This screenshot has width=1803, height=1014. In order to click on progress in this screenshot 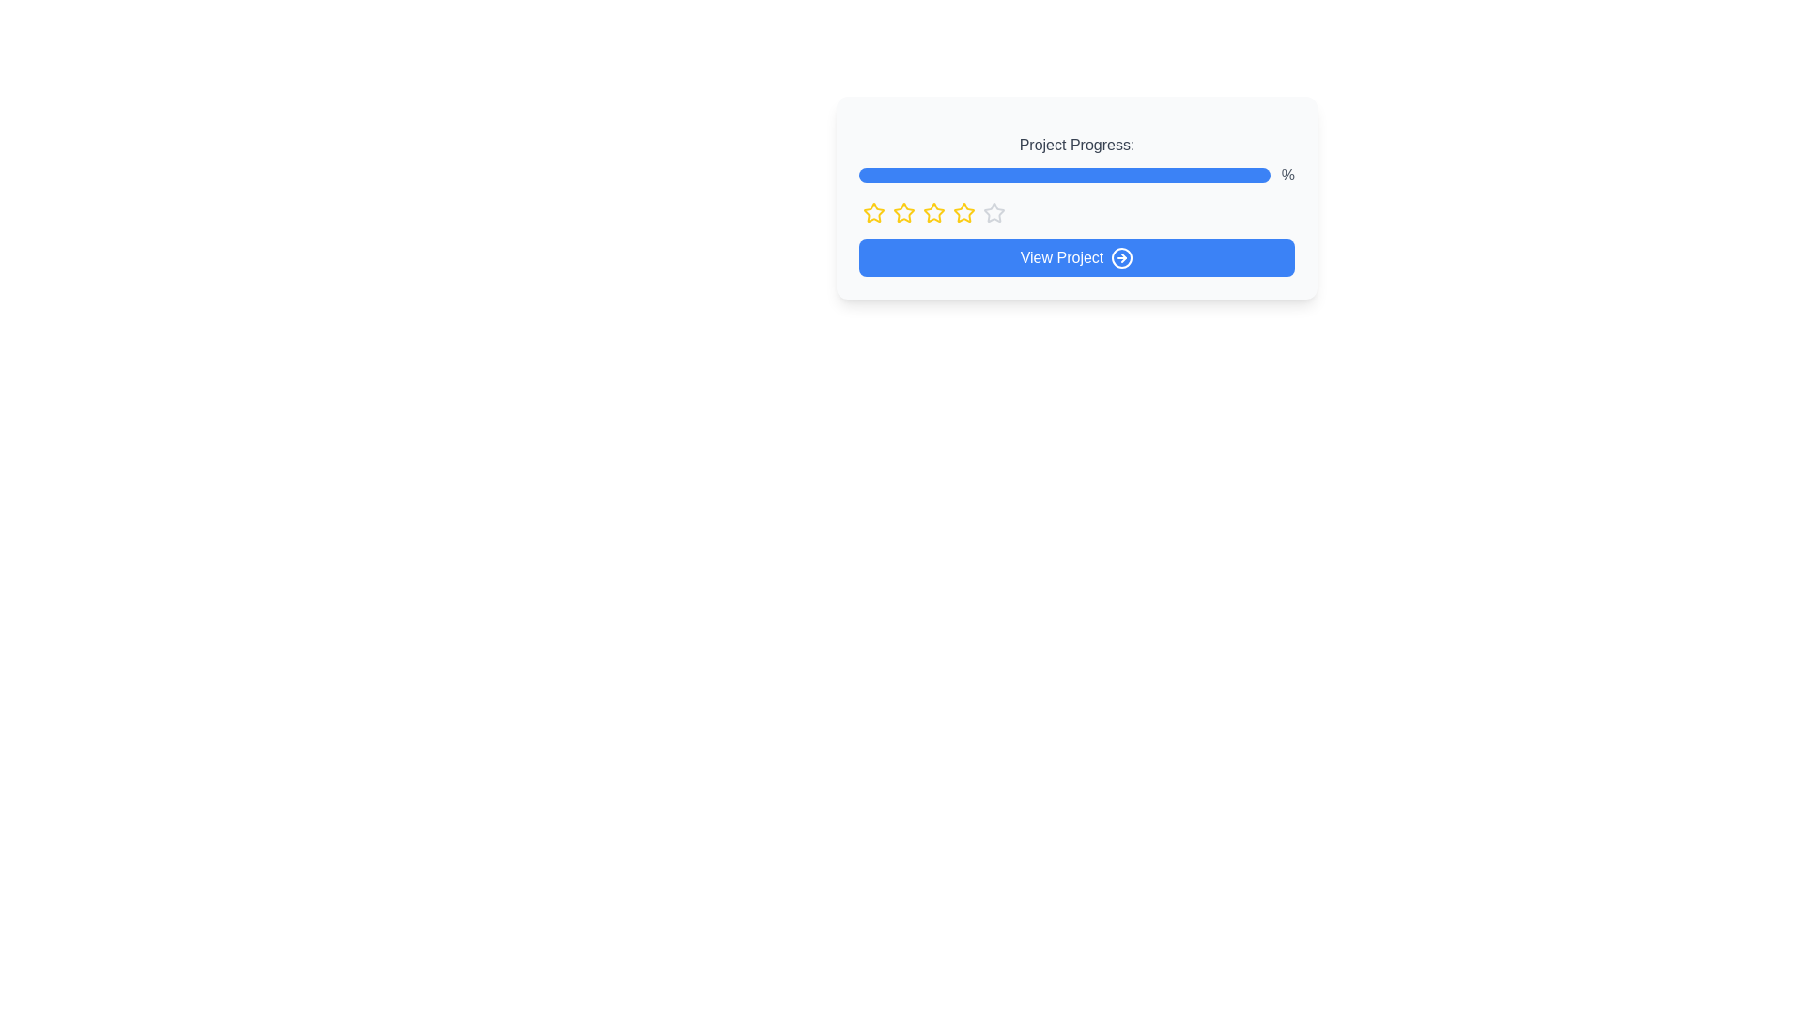, I will do `click(1225, 175)`.